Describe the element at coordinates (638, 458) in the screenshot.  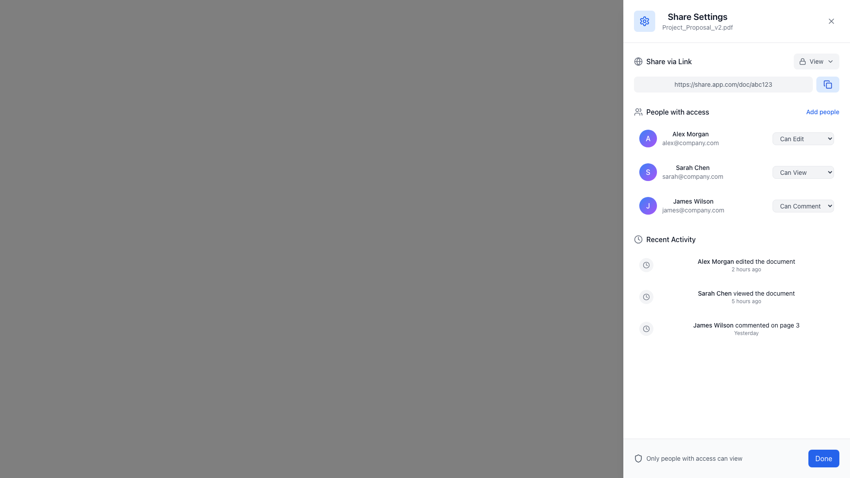
I see `the shield icon representing security or restricted access, which is positioned at the beginning of the text 'Only people with access can view'` at that location.